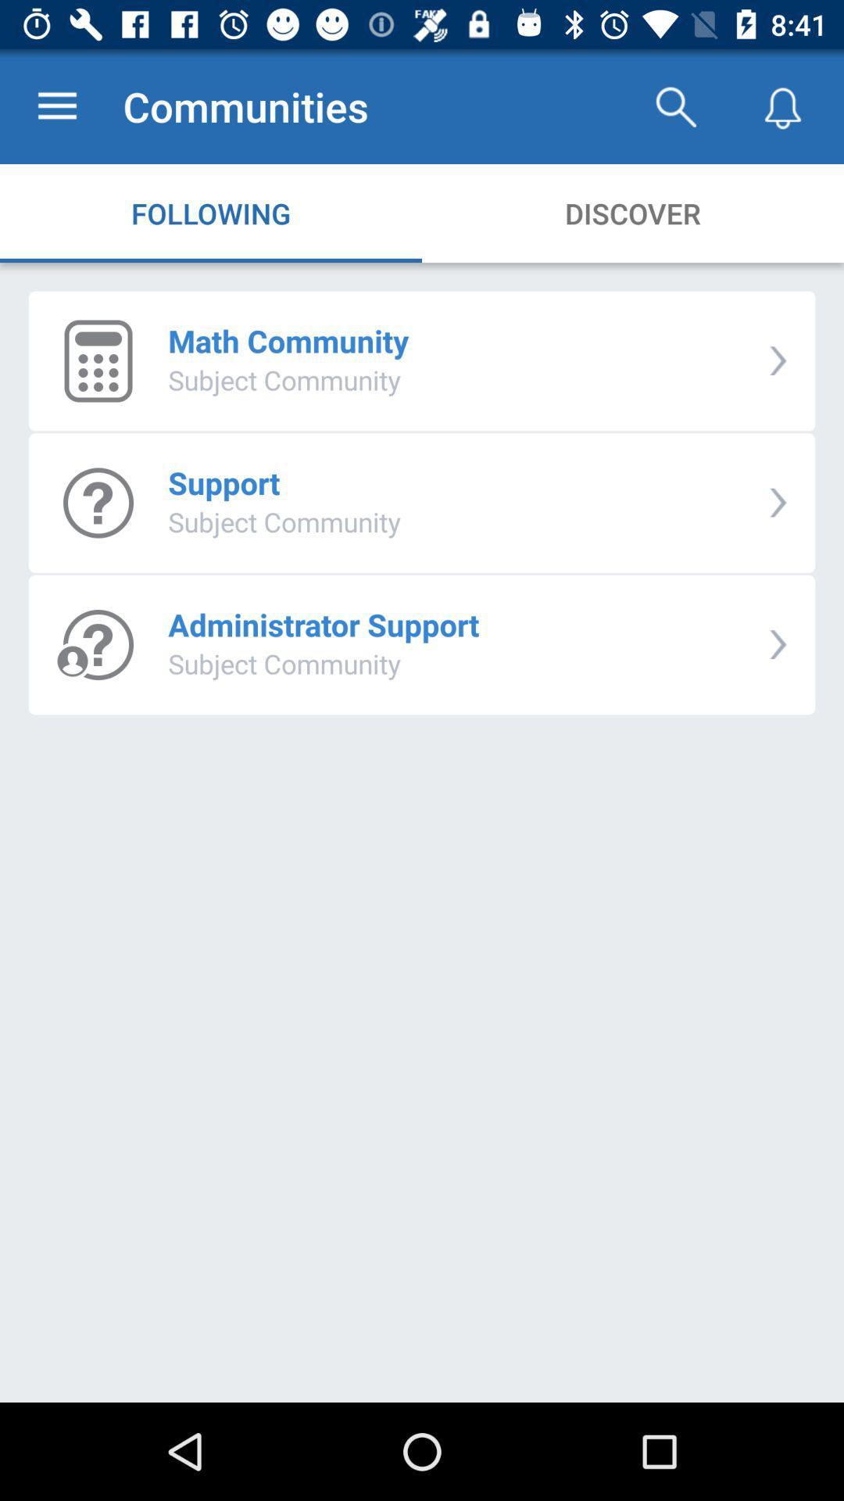  Describe the element at coordinates (674, 106) in the screenshot. I see `the item to the right of the communities app` at that location.